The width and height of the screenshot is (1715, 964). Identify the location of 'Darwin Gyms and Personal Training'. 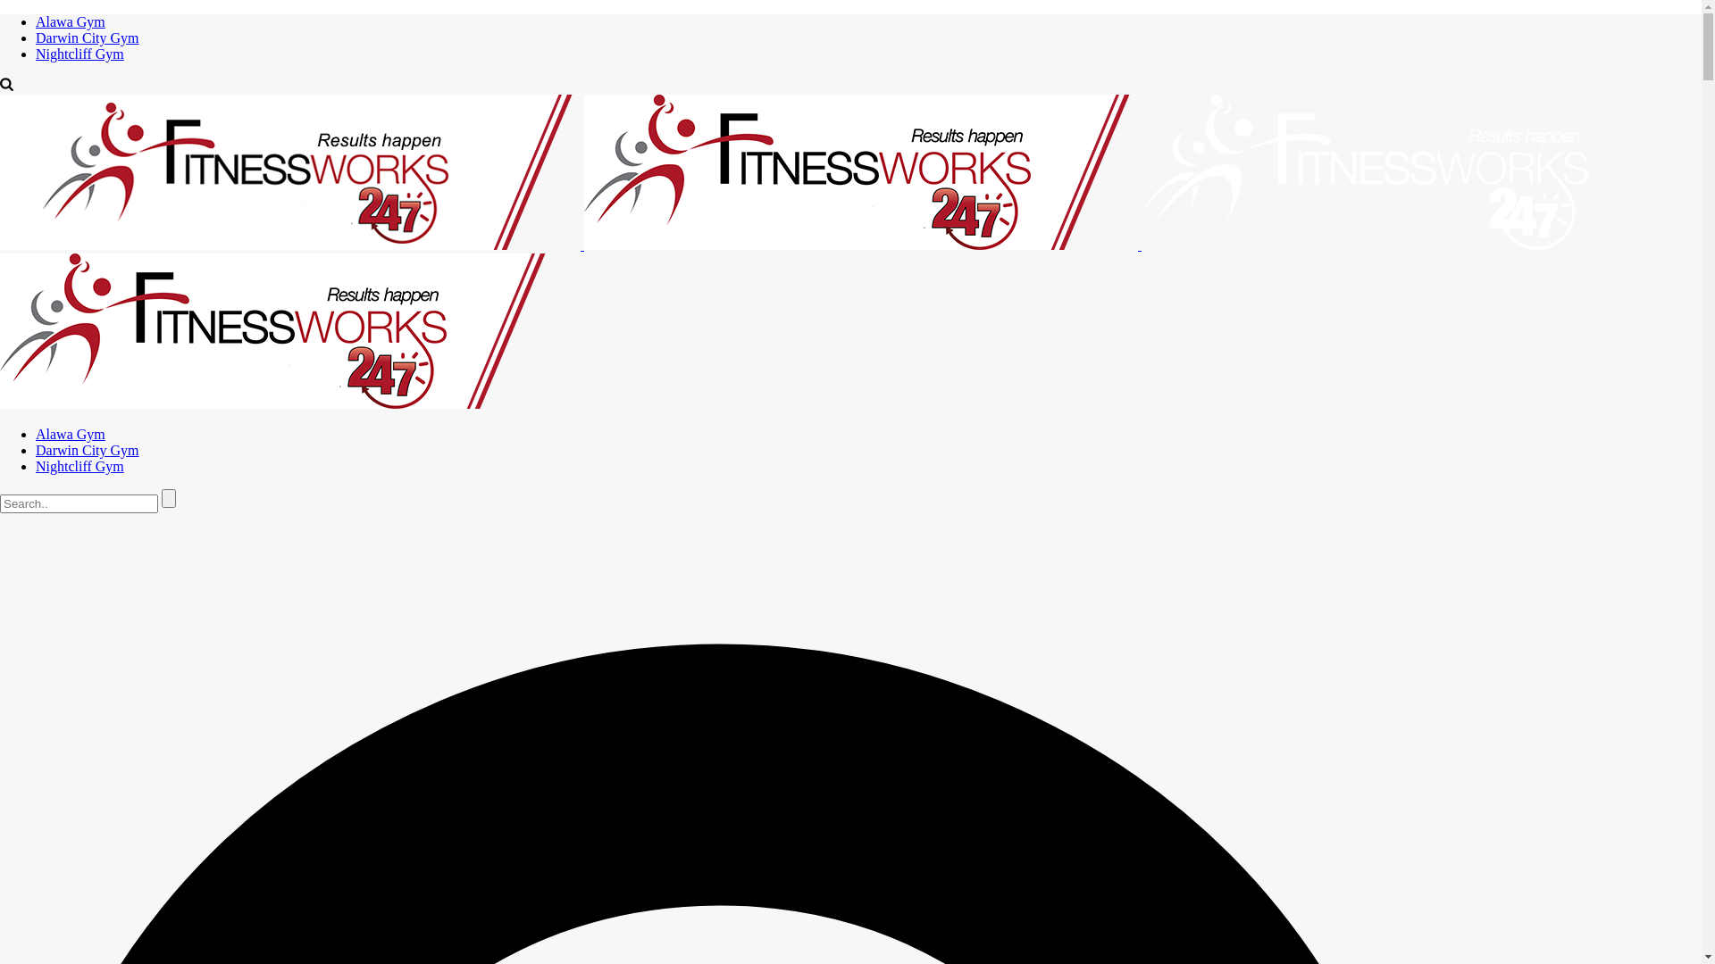
(290, 171).